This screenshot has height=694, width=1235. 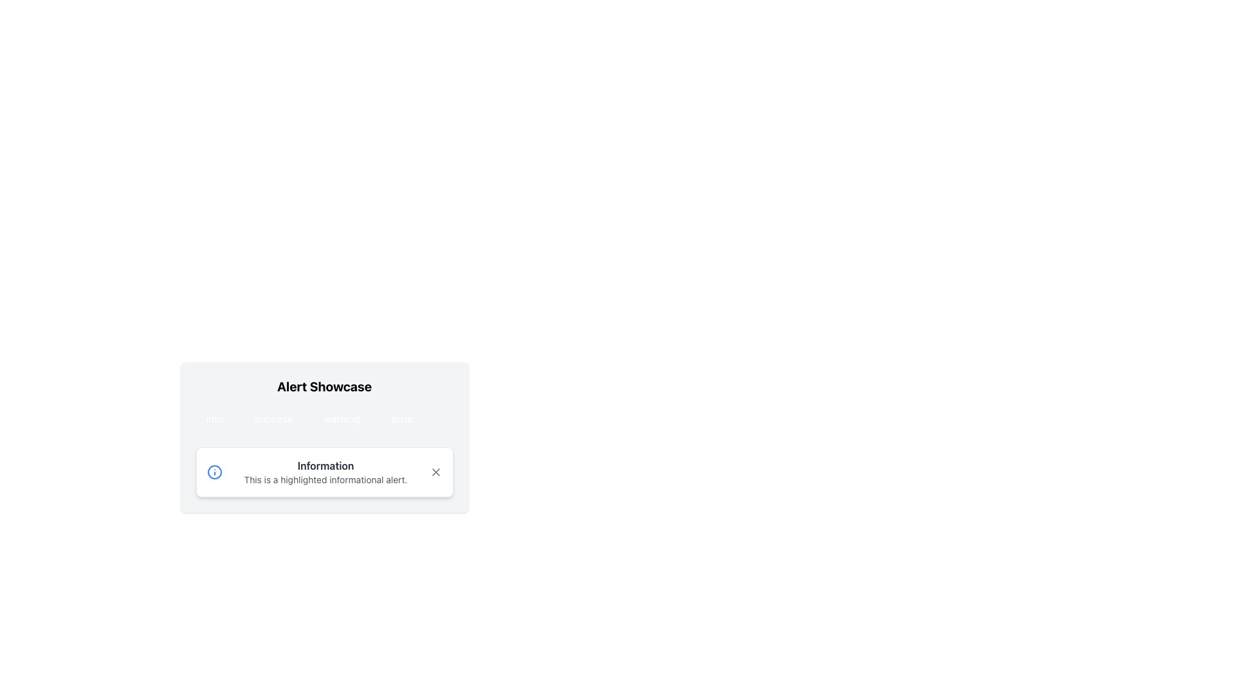 What do you see at coordinates (325, 472) in the screenshot?
I see `the text block titled 'Information' which contains a subtitle stating 'This is a highlighted informational alert.' for reading` at bounding box center [325, 472].